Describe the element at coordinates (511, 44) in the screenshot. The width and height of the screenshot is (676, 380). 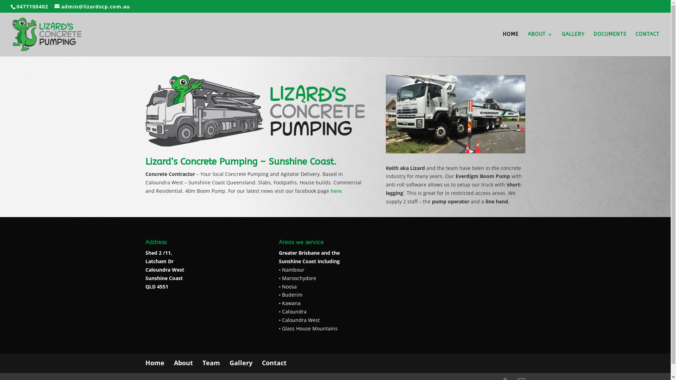
I see `'HOME'` at that location.